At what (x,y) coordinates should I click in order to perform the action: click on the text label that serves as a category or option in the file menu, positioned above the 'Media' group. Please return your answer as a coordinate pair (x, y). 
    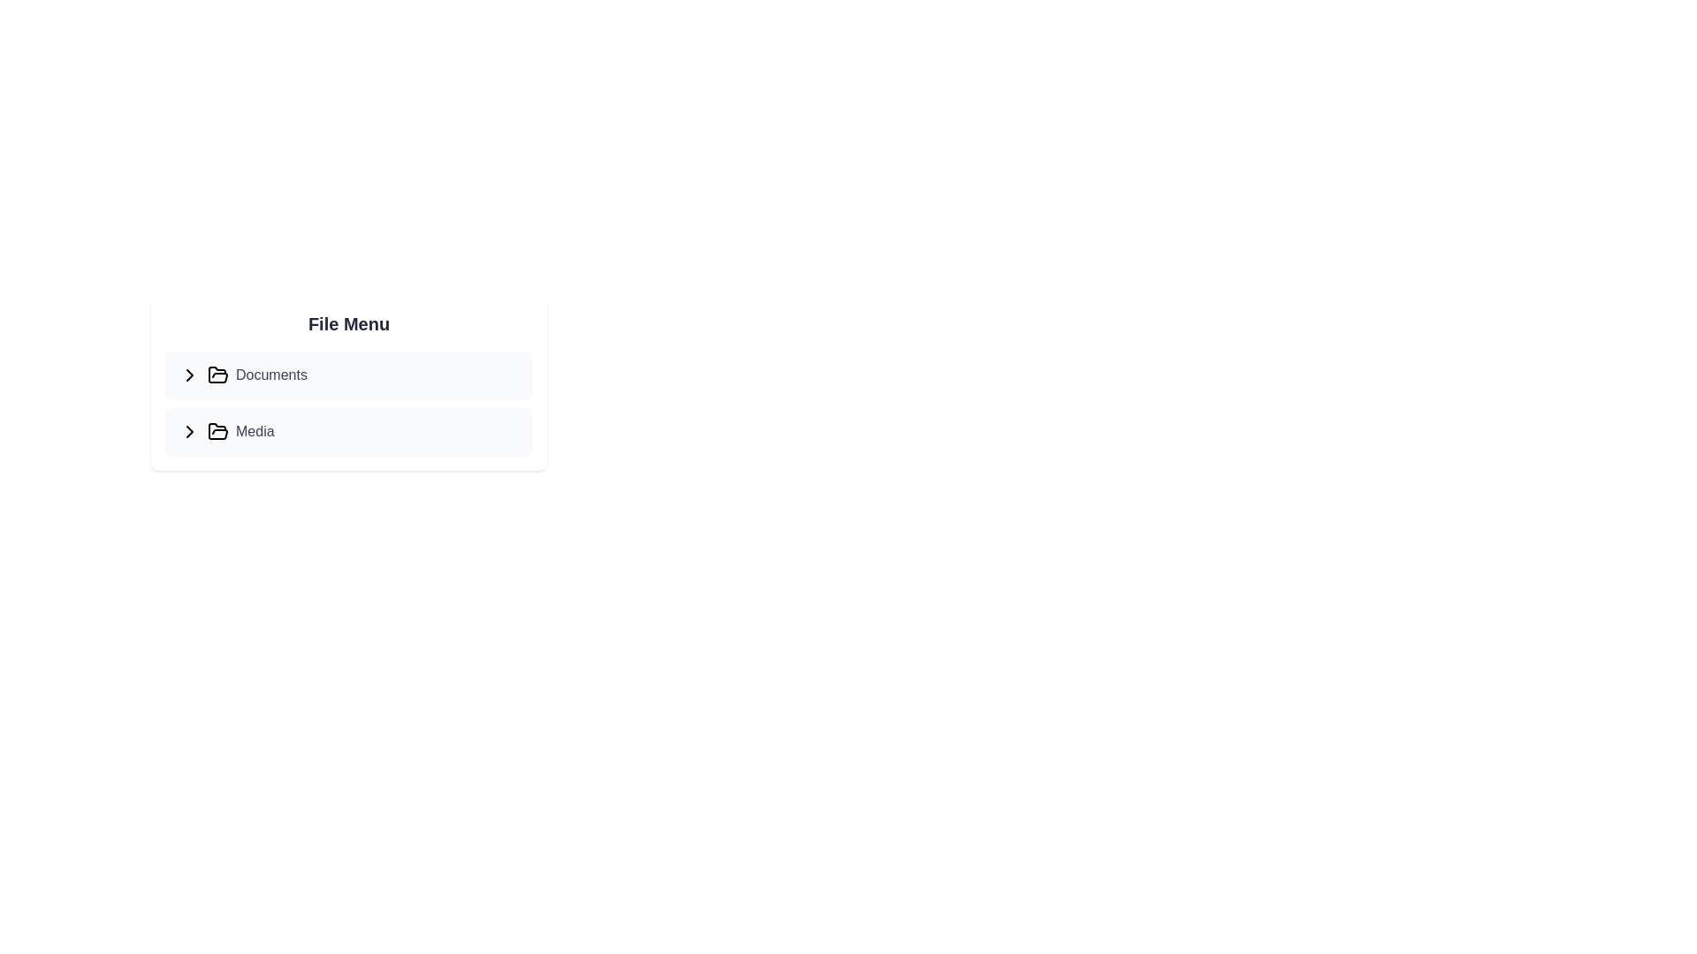
    Looking at the image, I should click on (270, 374).